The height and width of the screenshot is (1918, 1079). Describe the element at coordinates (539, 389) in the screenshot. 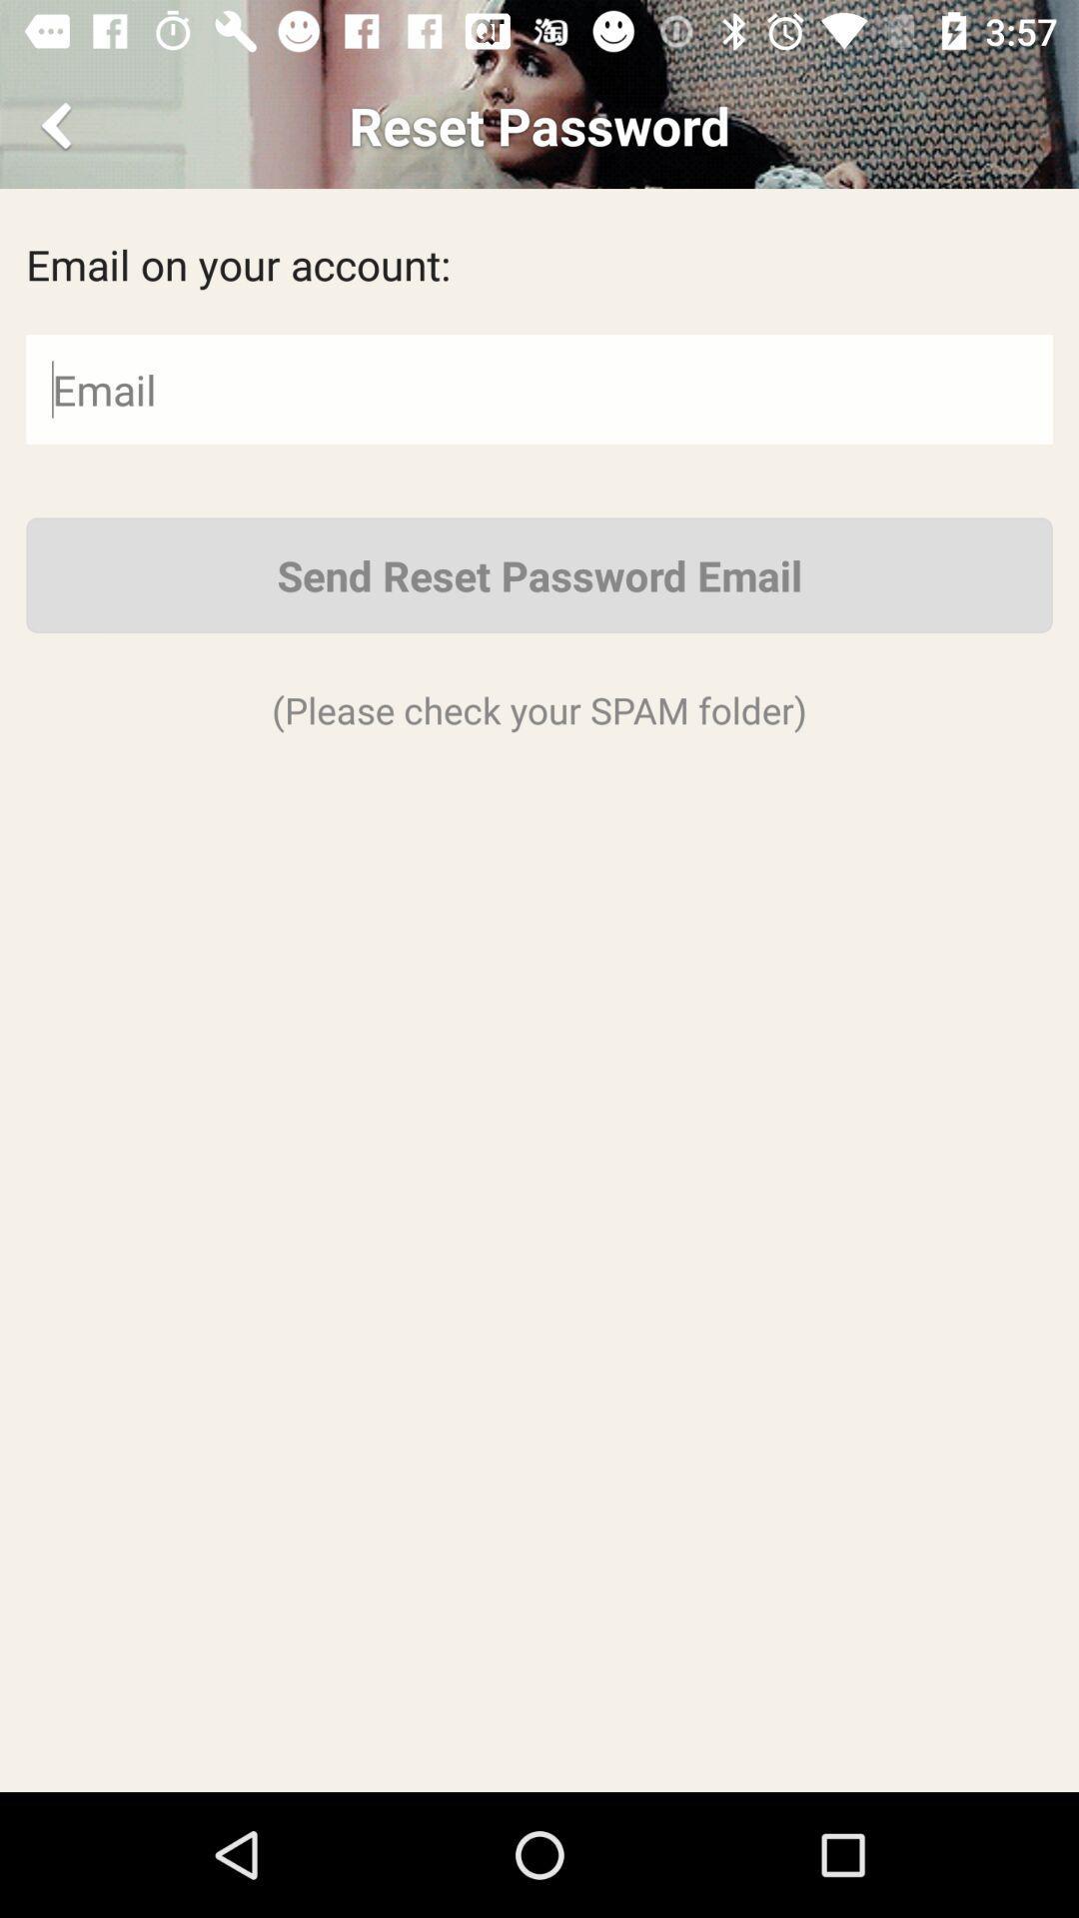

I see `email` at that location.